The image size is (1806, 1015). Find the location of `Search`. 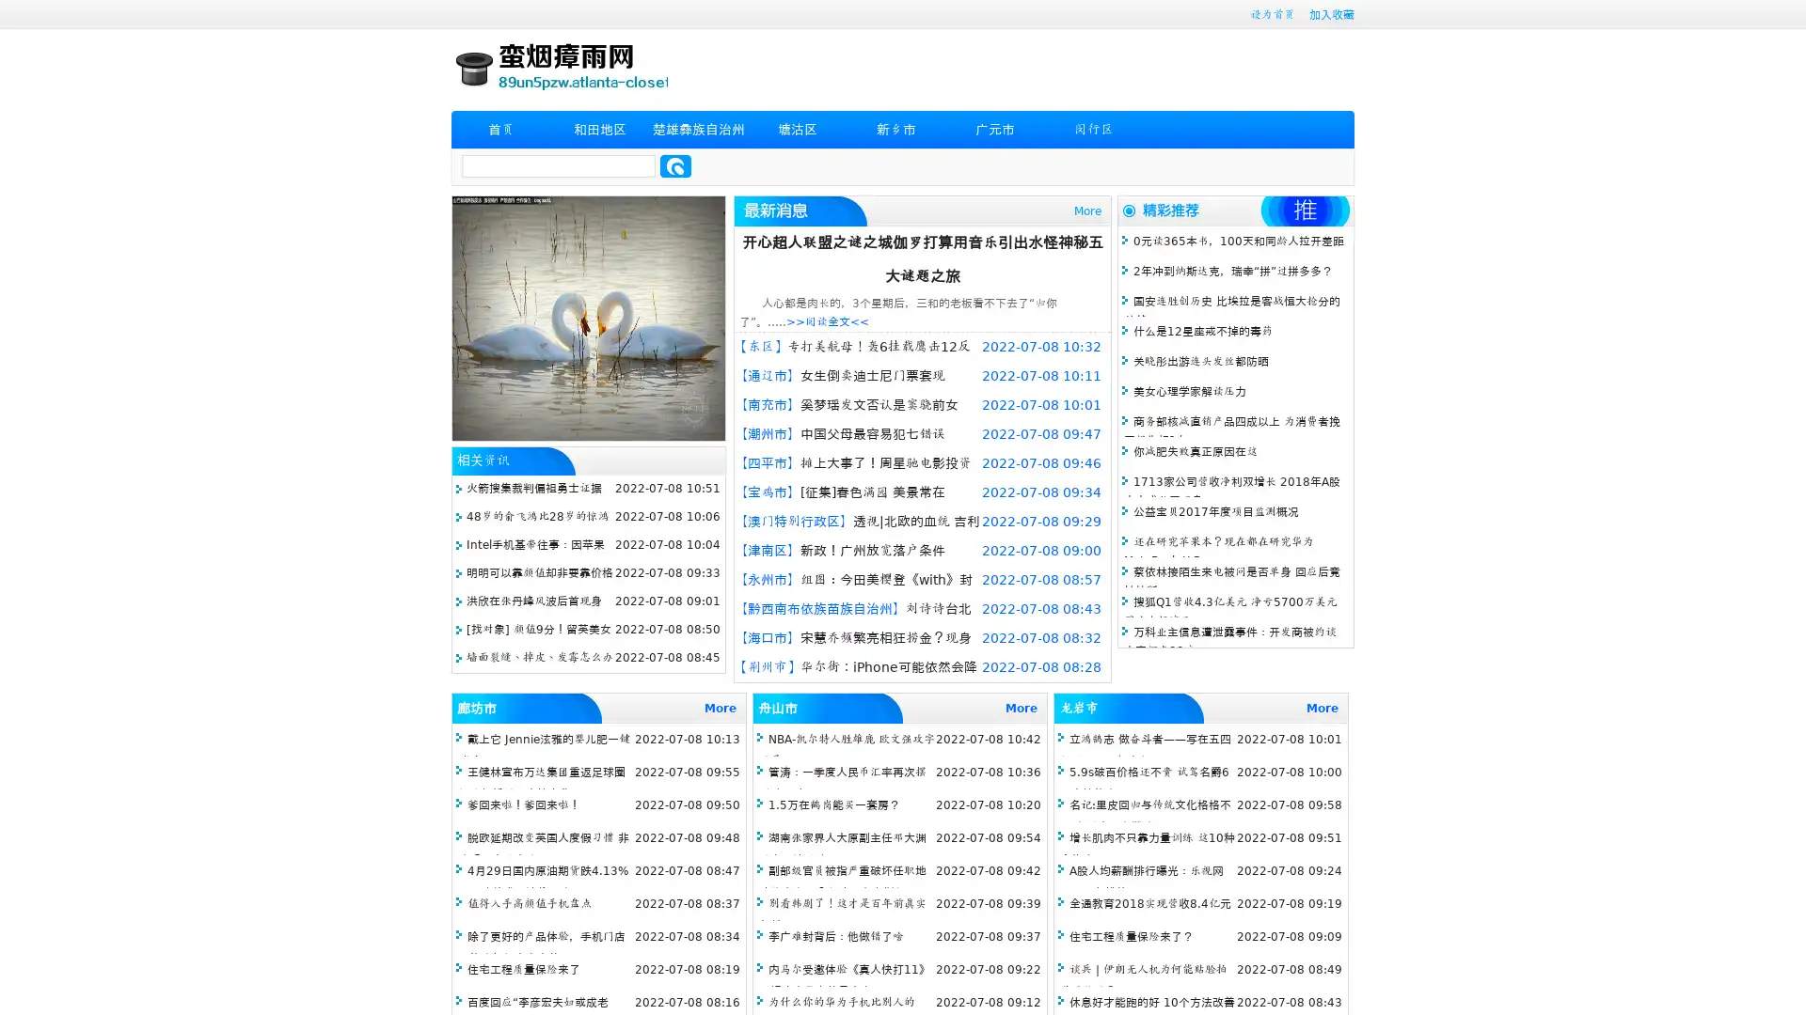

Search is located at coordinates (675, 165).